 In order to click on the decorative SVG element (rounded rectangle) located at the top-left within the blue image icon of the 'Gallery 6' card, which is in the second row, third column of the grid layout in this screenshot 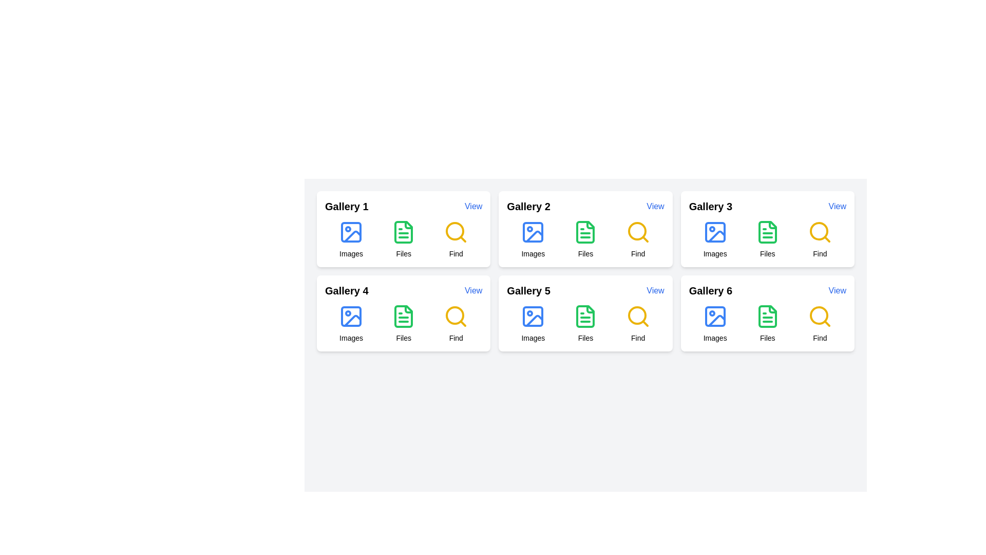, I will do `click(714, 316)`.